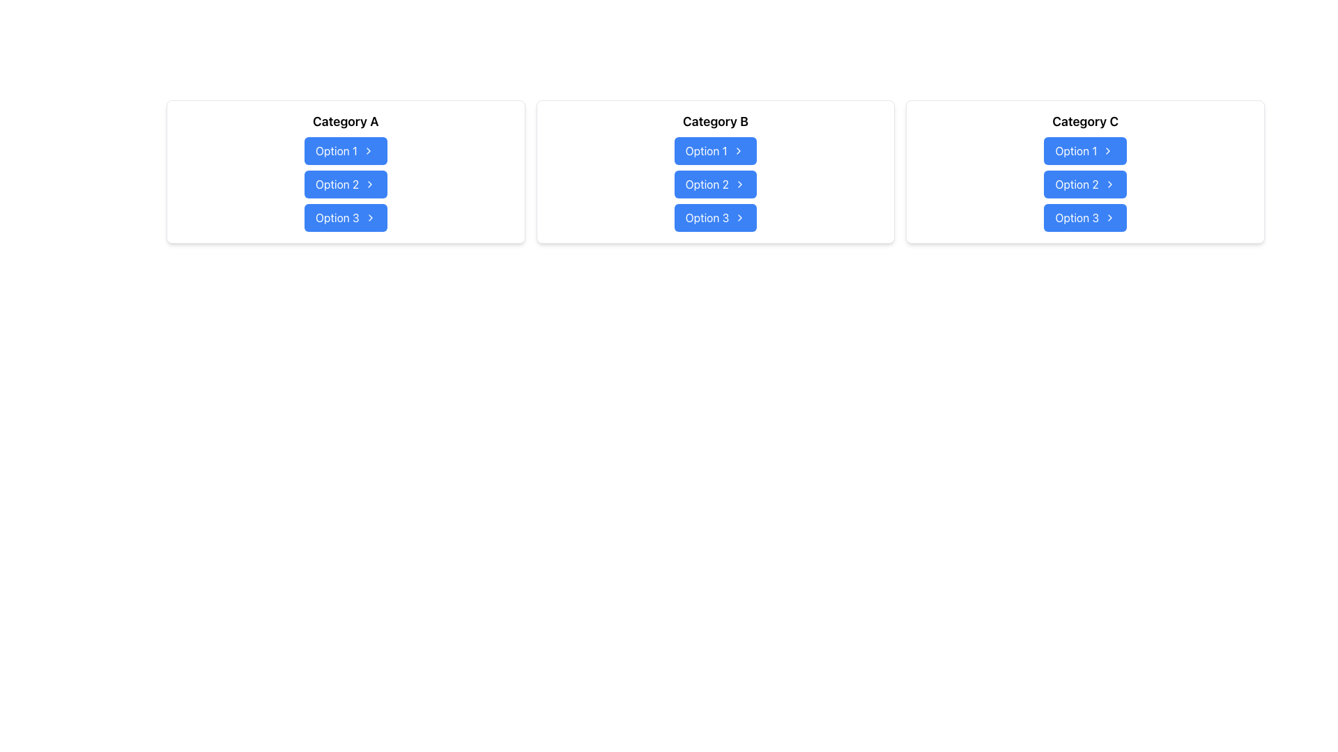 The height and width of the screenshot is (752, 1338). Describe the element at coordinates (739, 217) in the screenshot. I see `the rightmost icon within the button labeled 'Option 3' under the heading 'Category B'` at that location.